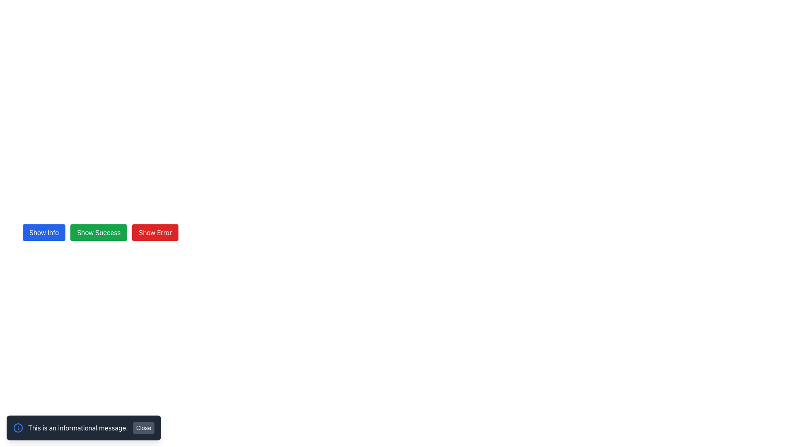  What do you see at coordinates (99, 233) in the screenshot?
I see `the trigger button located between the blue 'Show Info' button and the red 'Show Error' button` at bounding box center [99, 233].